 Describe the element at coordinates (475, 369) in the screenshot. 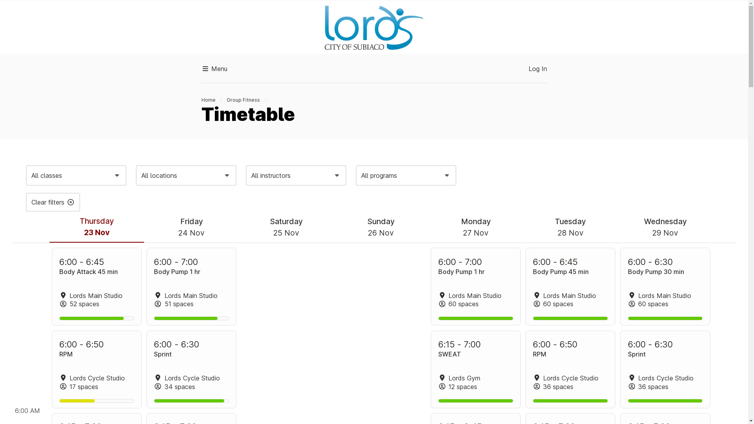

I see `'SWEAT` at that location.